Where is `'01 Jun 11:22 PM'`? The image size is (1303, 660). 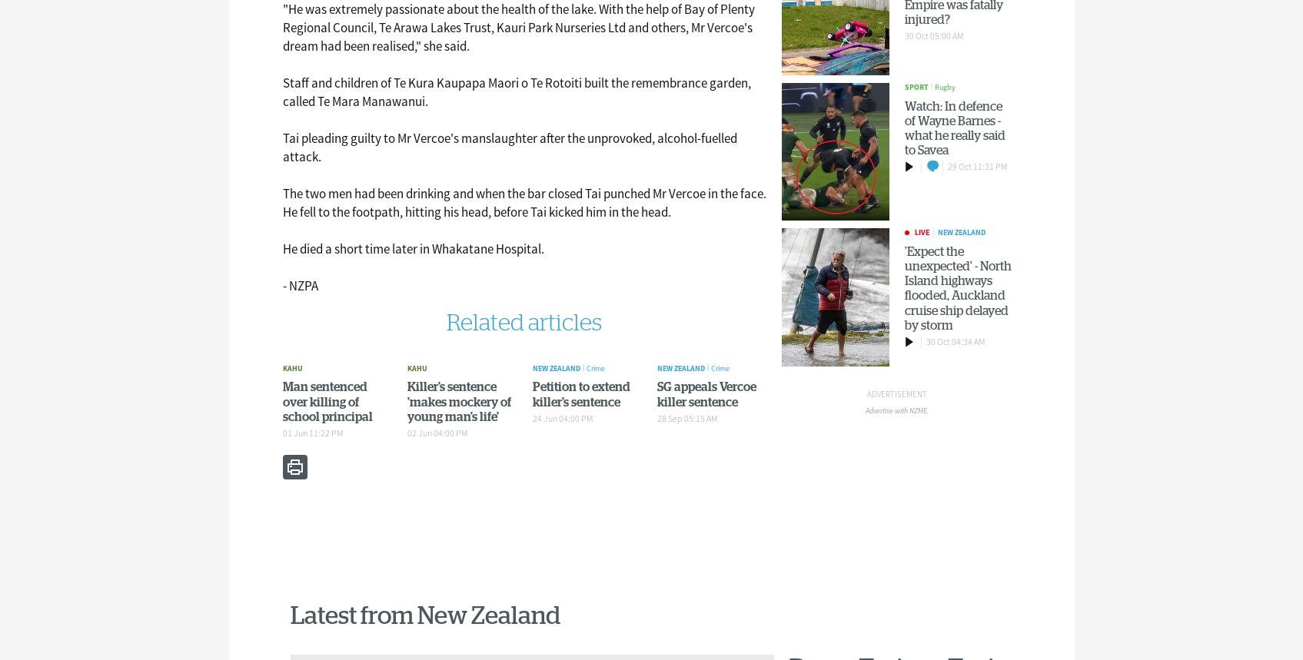 '01 Jun 11:22 PM' is located at coordinates (311, 431).